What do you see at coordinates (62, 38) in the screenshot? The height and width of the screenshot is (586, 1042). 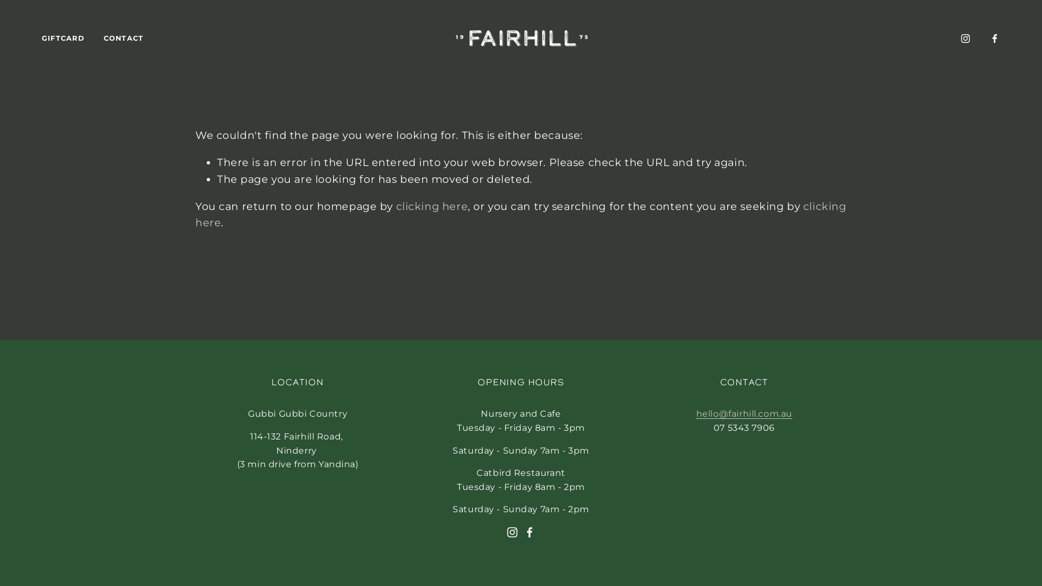 I see `'GIFTCARD'` at bounding box center [62, 38].